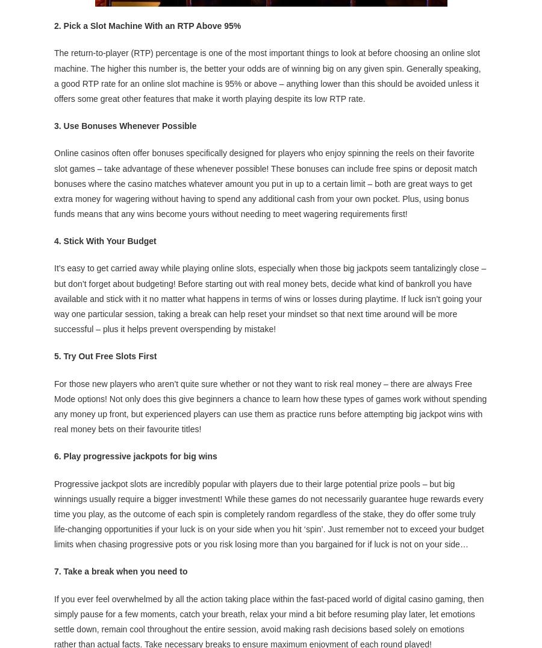  What do you see at coordinates (267, 75) in the screenshot?
I see `'The return-to-player (RTP) percentage is one of the most important things to look at before choosing an online slot machine. The higher this number is, the better your odds are of winning big on any given spin. Generally speaking, a good RTP rate for an online slot machine is 95% or above – anything lower than this should be avoided unless it offers some great other features that make it worth playing despite its low RTP rate.'` at bounding box center [267, 75].